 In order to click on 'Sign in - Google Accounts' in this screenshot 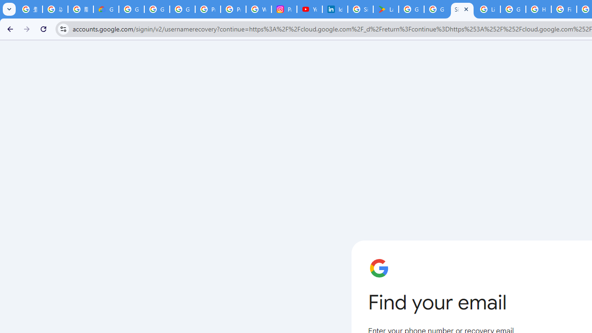, I will do `click(462, 9)`.